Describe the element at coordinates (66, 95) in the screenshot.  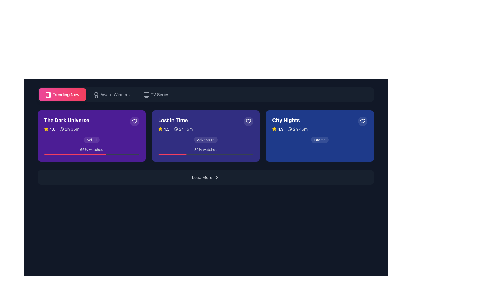
I see `the 'Trending Now' button` at that location.